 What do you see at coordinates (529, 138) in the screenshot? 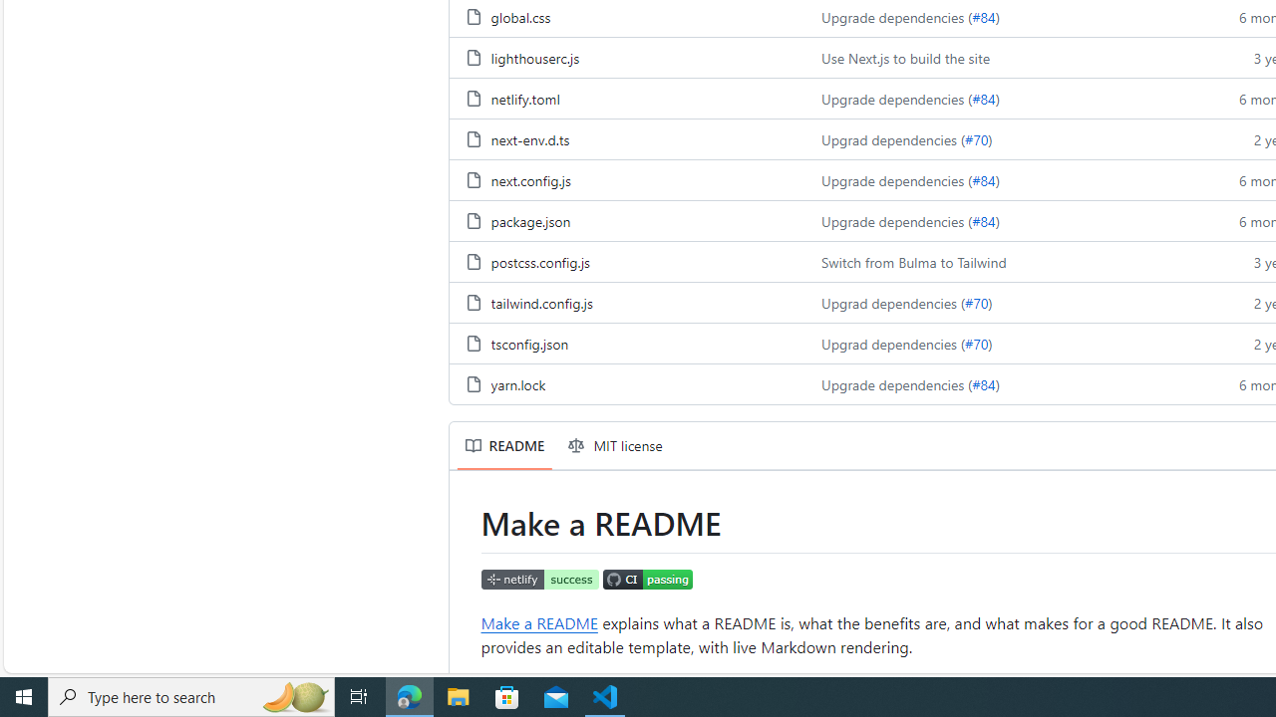
I see `'next-env.d.ts, (File)'` at bounding box center [529, 138].